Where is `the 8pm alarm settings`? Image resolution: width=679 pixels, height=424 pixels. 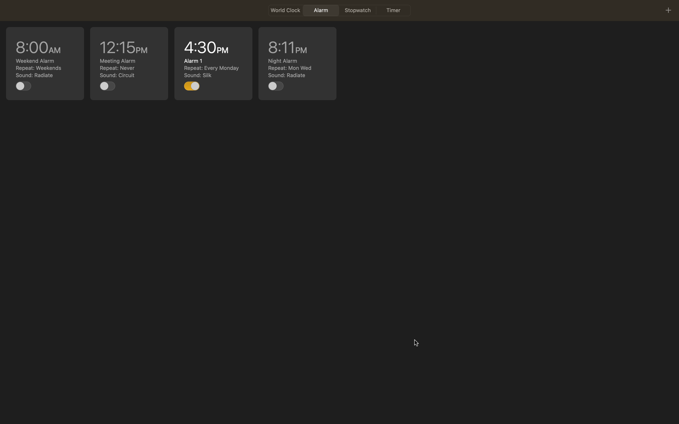
the 8pm alarm settings is located at coordinates (297, 64).